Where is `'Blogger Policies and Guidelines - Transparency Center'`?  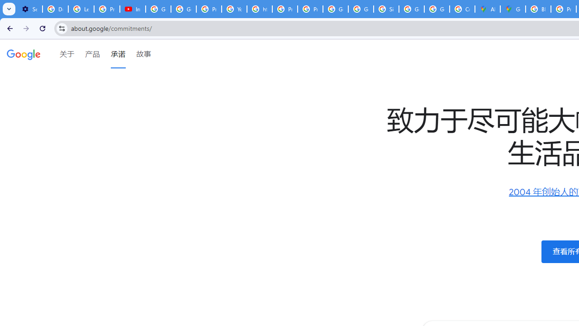
'Blogger Policies and Guidelines - Transparency Center' is located at coordinates (538, 9).